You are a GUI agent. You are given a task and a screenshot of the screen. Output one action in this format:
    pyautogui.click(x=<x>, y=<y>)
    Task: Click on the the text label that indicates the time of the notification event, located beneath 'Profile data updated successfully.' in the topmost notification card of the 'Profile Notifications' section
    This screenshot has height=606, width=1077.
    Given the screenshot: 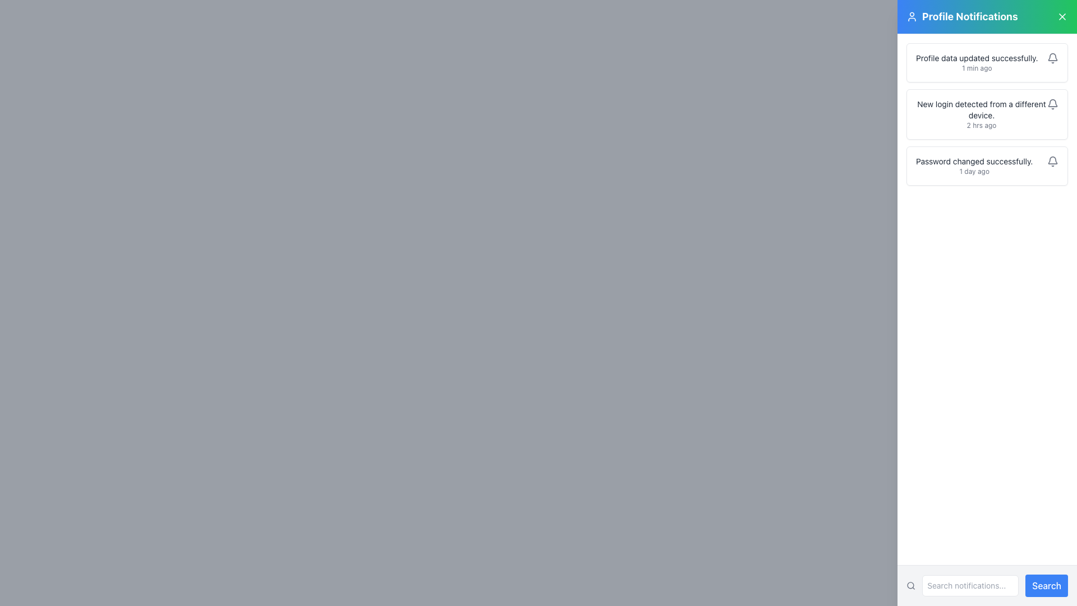 What is the action you would take?
    pyautogui.click(x=976, y=68)
    